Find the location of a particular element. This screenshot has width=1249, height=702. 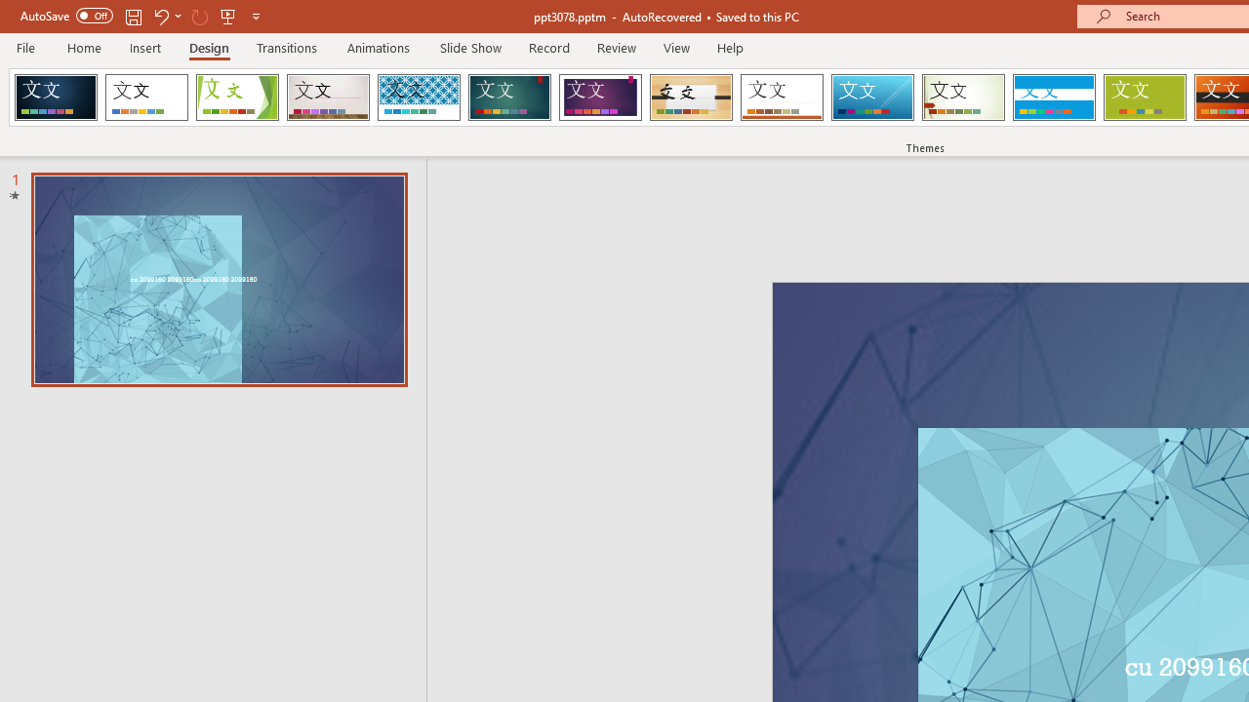

'Organic' is located at coordinates (691, 97).